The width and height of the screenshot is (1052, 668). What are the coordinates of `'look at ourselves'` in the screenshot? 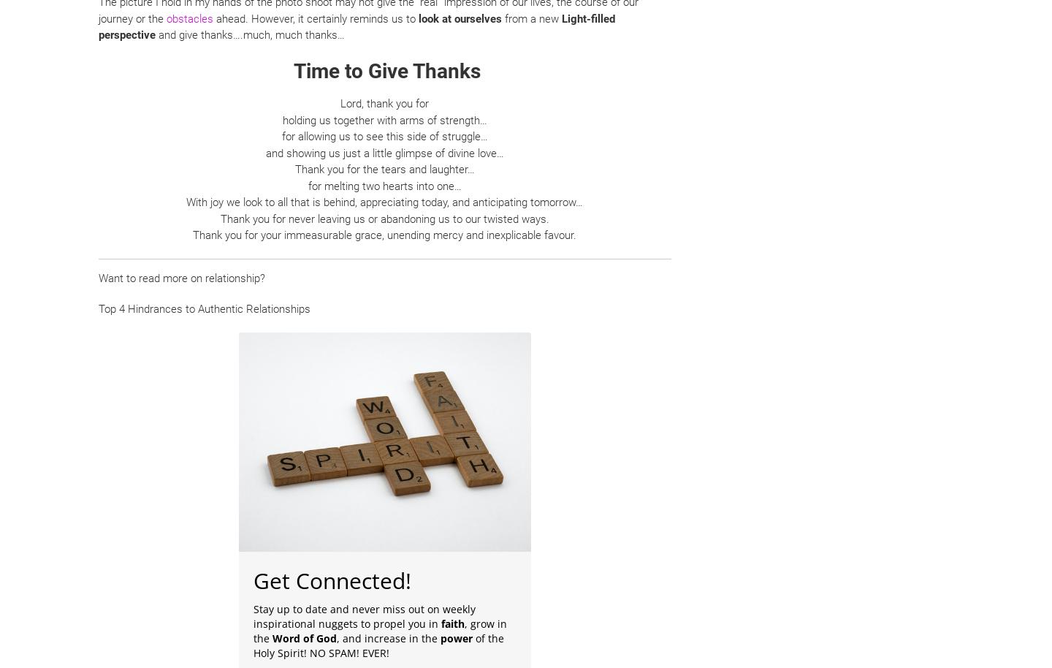 It's located at (460, 18).